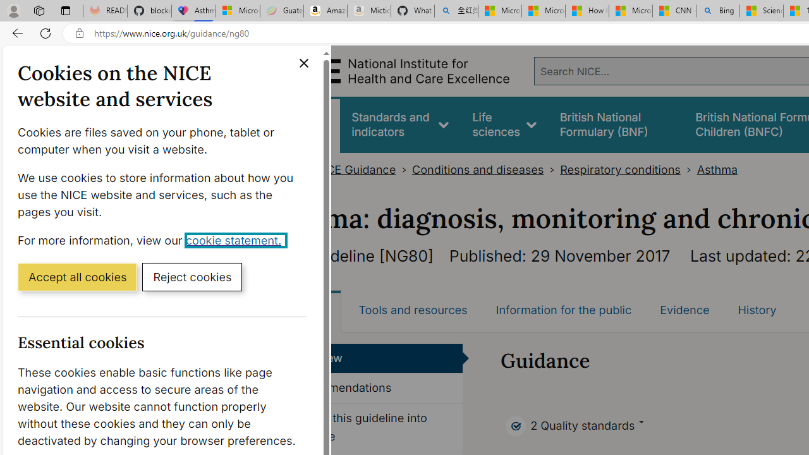 This screenshot has width=809, height=455. I want to click on 'Accept all cookies', so click(76, 276).